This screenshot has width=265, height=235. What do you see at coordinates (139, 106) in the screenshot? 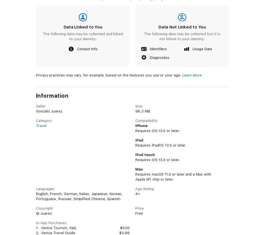
I see `'Size'` at bounding box center [139, 106].